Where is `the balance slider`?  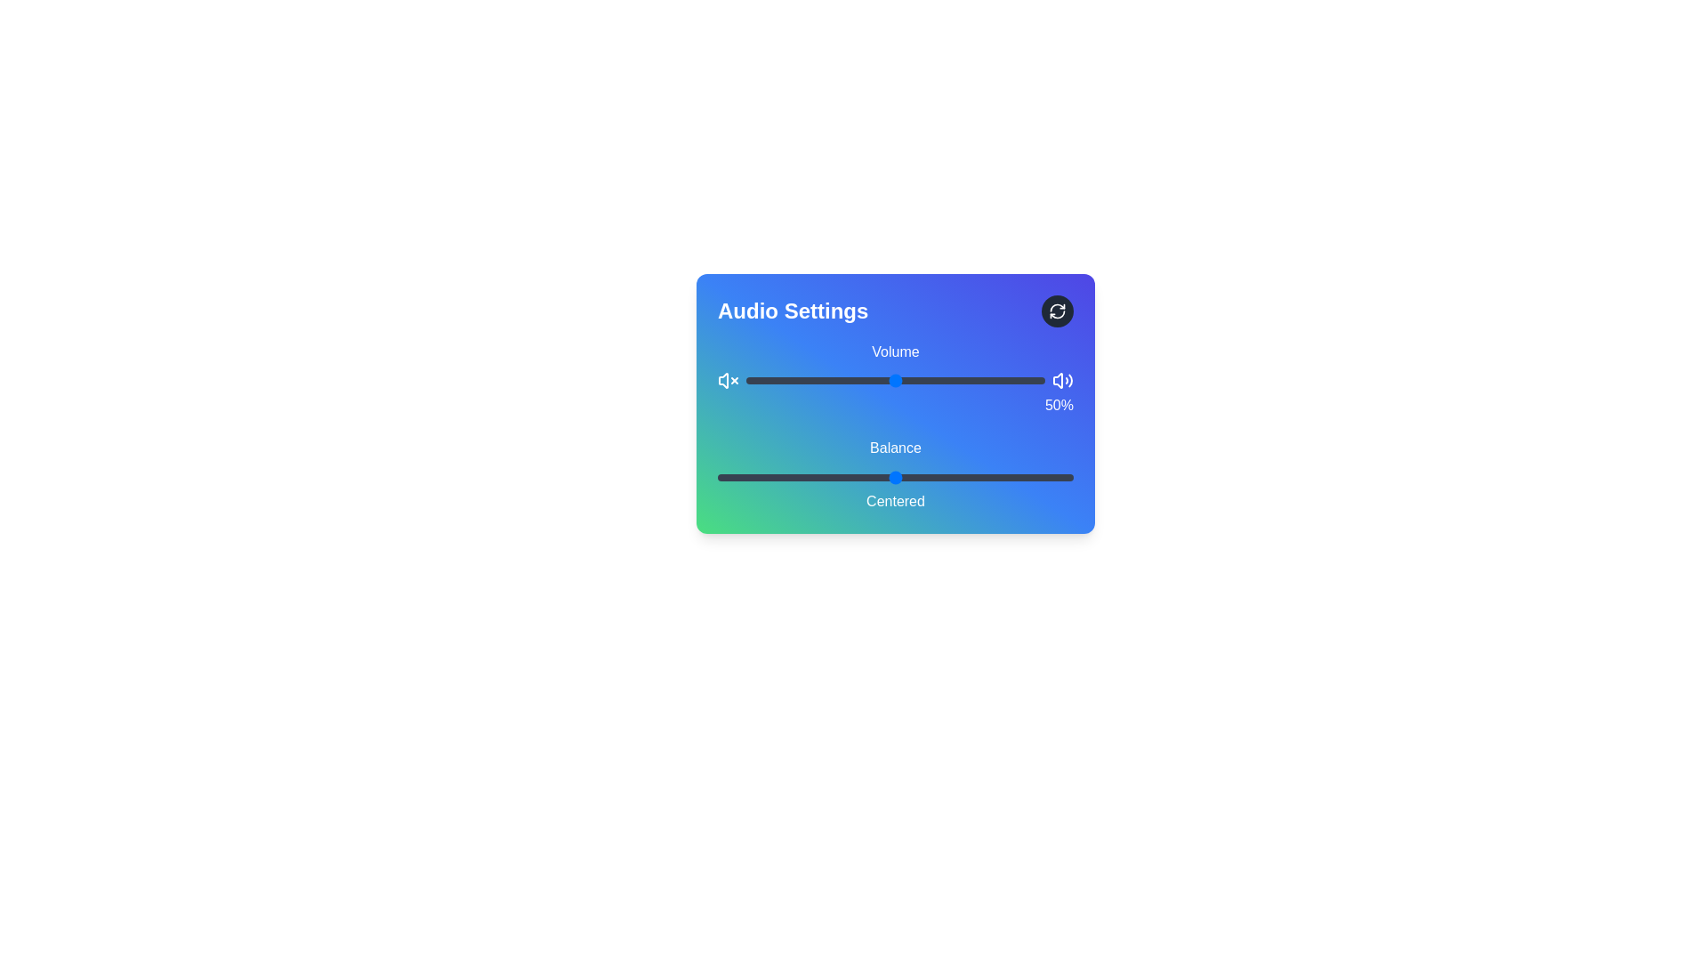
the balance slider is located at coordinates (806, 476).